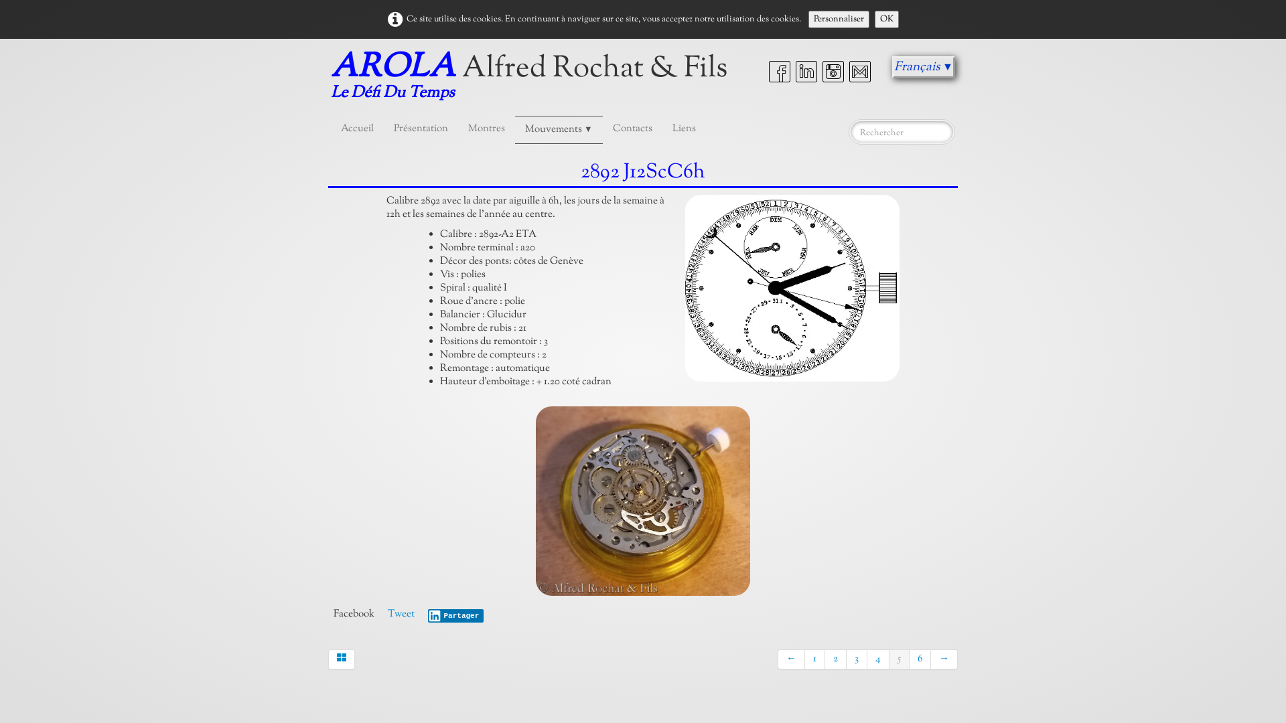 The width and height of the screenshot is (1286, 723). What do you see at coordinates (792, 287) in the screenshot?
I see `'Mouvement automatique AROLA 2892 J12ScC6h'` at bounding box center [792, 287].